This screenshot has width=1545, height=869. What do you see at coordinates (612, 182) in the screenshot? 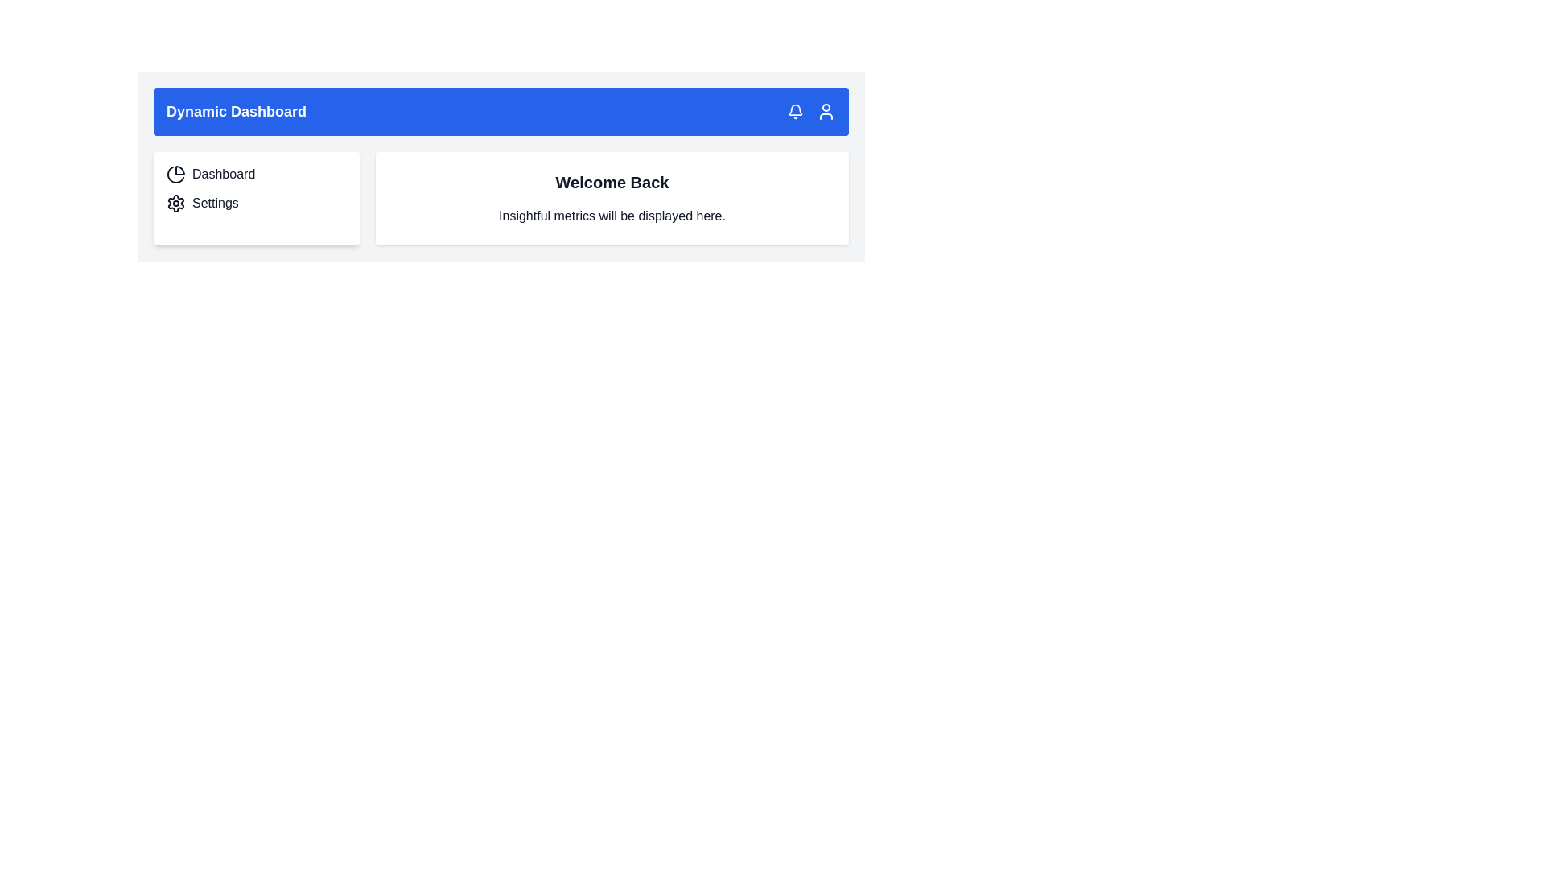
I see `the Text Display element that serves as a header or greeting message for the dashboard interface, located in the main content area above the text 'Insightful metrics will be displayed here.'` at bounding box center [612, 182].